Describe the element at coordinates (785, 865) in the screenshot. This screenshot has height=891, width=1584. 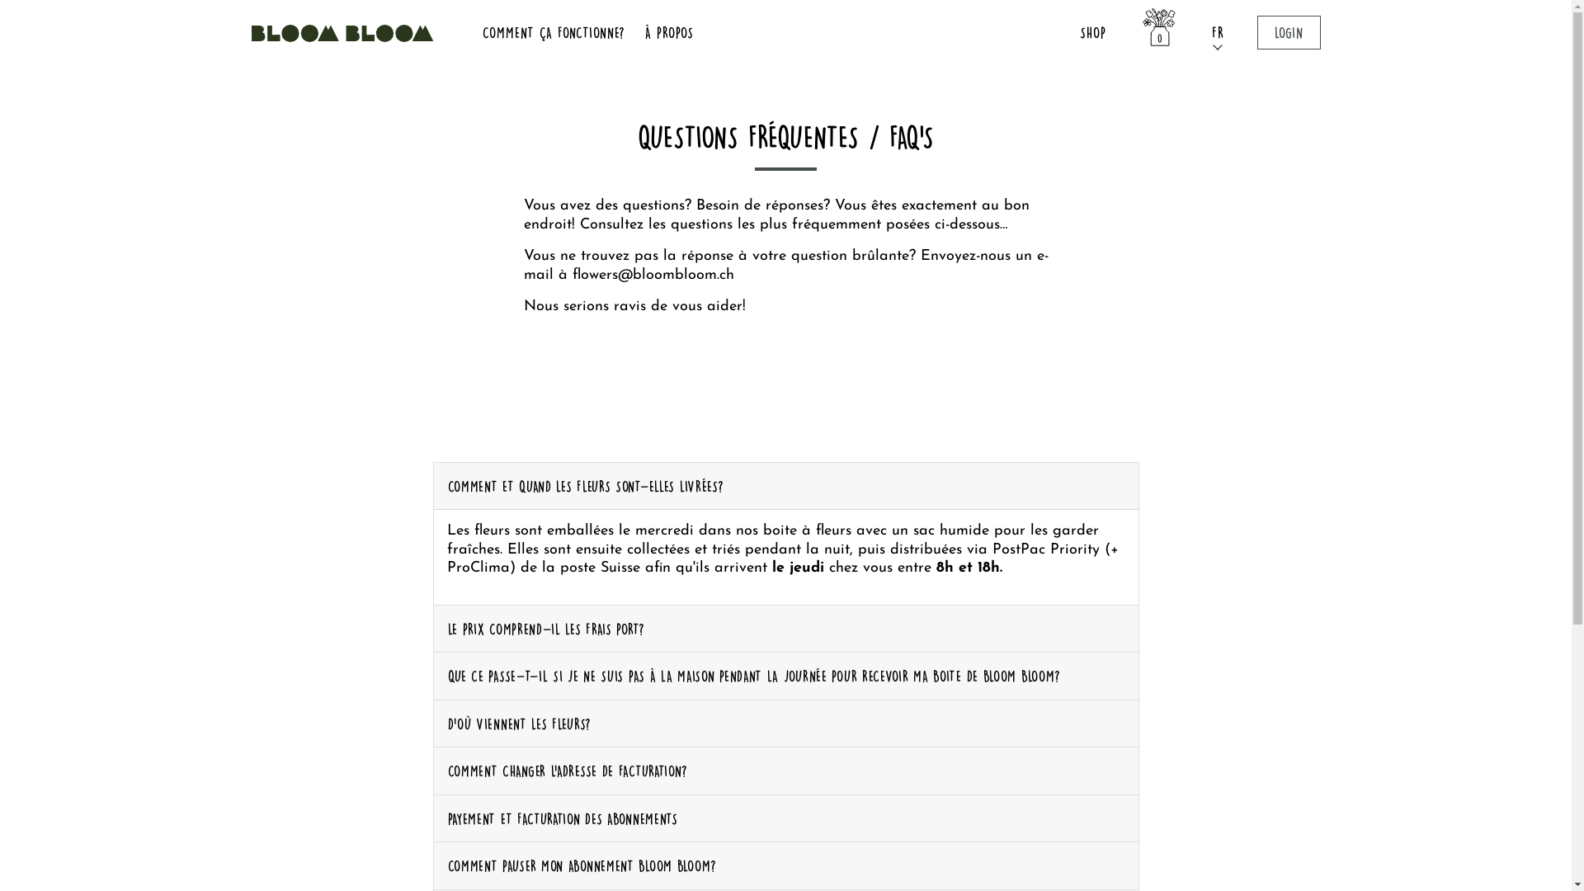
I see `'COMMENT PAUSER MON ABONNEMENT BLOOM BLOOM?'` at that location.